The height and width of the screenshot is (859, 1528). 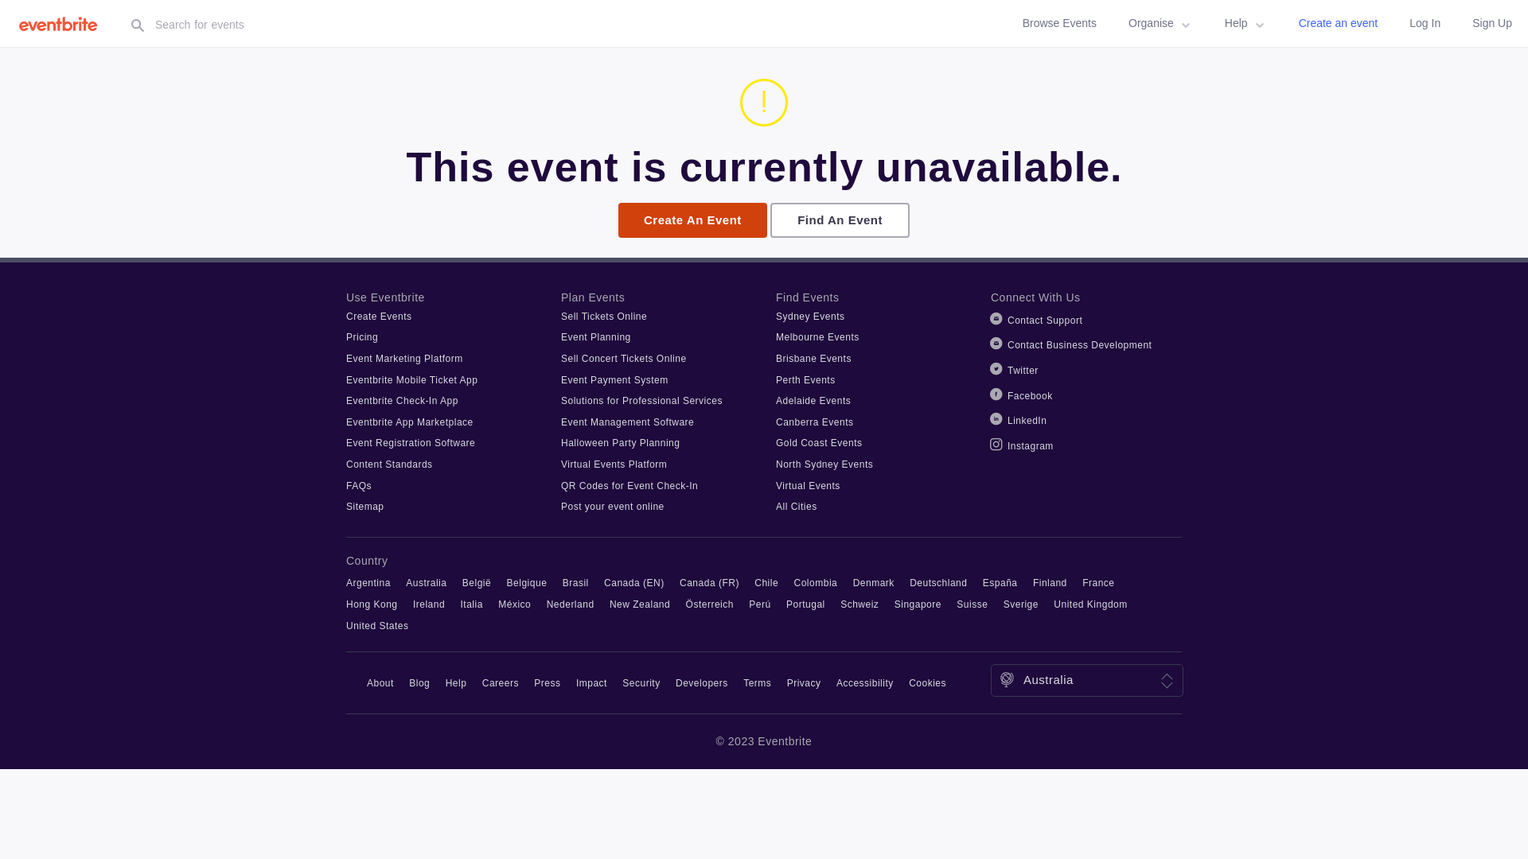 I want to click on 'Halloween Party Planning', so click(x=619, y=442).